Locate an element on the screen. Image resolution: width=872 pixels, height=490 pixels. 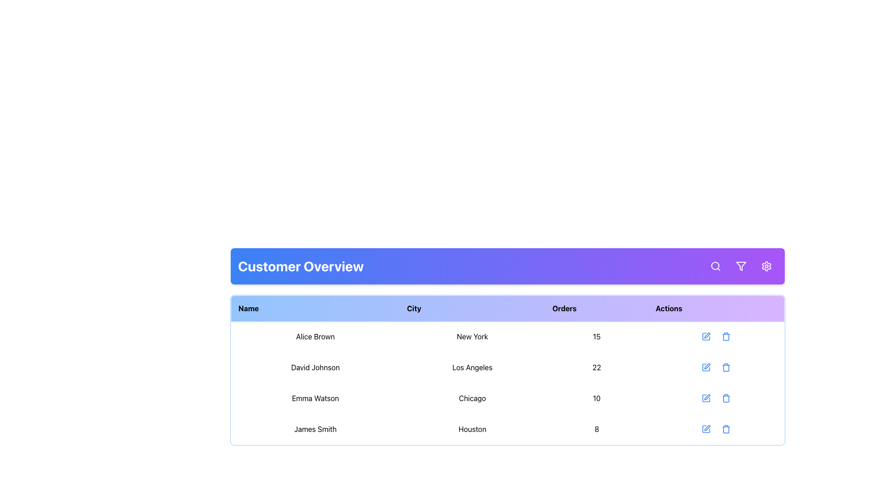
the static text label displaying 'Alice Brown' in the first row of the 'Name' column within the table is located at coordinates (315, 336).